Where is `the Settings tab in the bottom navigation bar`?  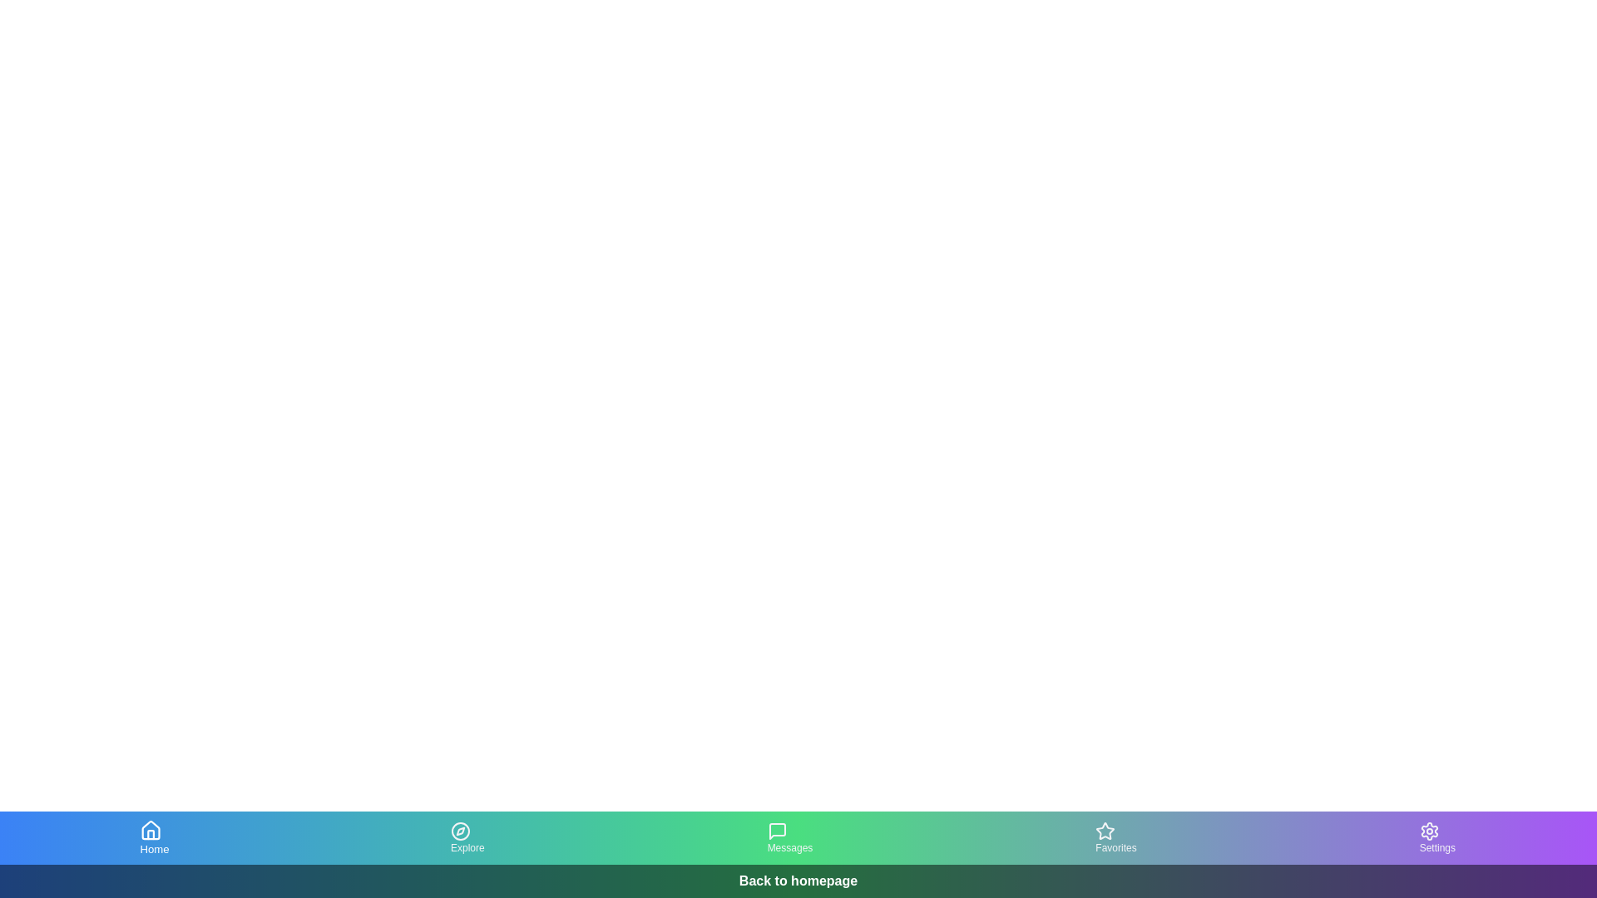
the Settings tab in the bottom navigation bar is located at coordinates (1436, 837).